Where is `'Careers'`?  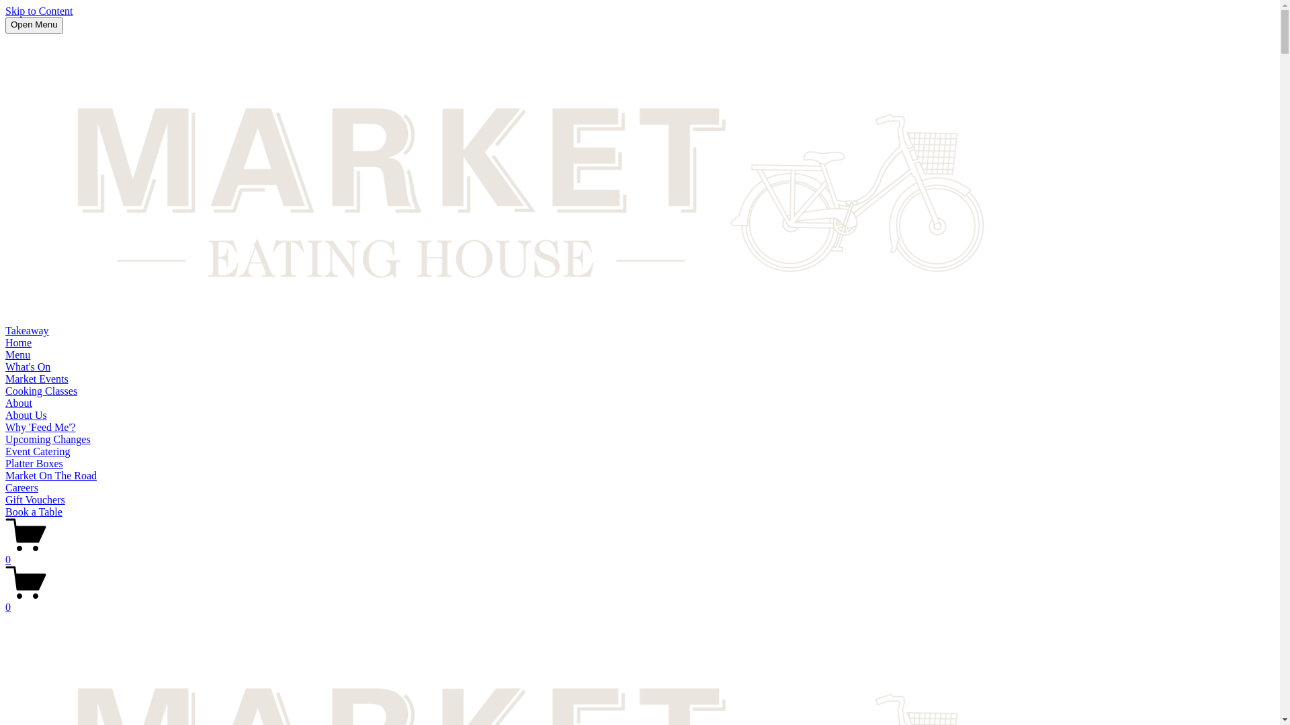
'Careers' is located at coordinates (21, 487).